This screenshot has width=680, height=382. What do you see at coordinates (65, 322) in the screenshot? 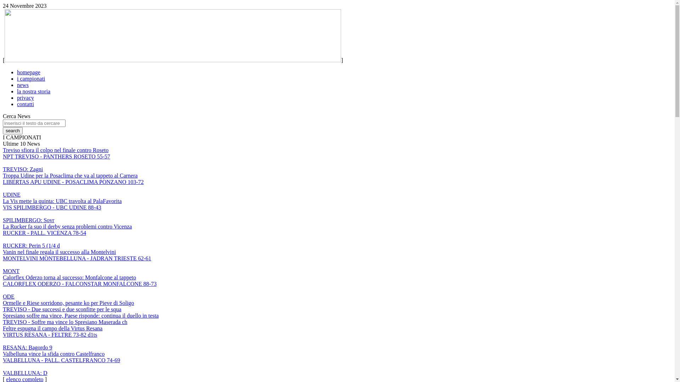
I see `'TREVISO - Soffre ma vince lo Spresiano Maserada ch'` at bounding box center [65, 322].